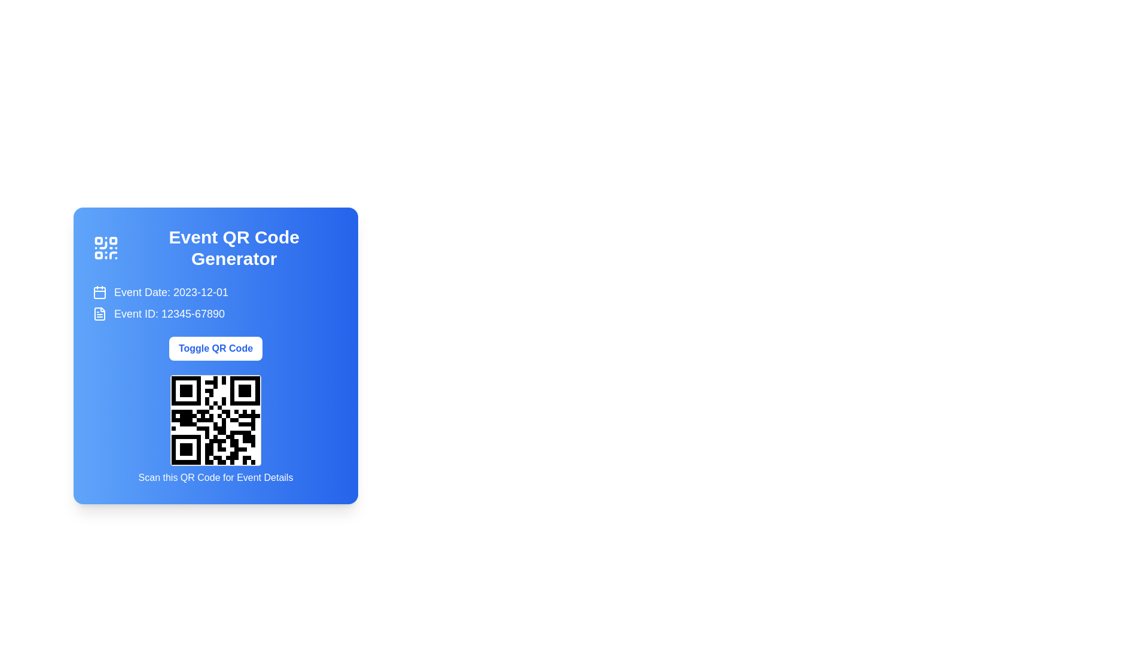  What do you see at coordinates (160, 292) in the screenshot?
I see `the date label with an icon that displays the event date, located at the top-left of the bordered card structure, above the 'Event ID: 12345-67890' section` at bounding box center [160, 292].